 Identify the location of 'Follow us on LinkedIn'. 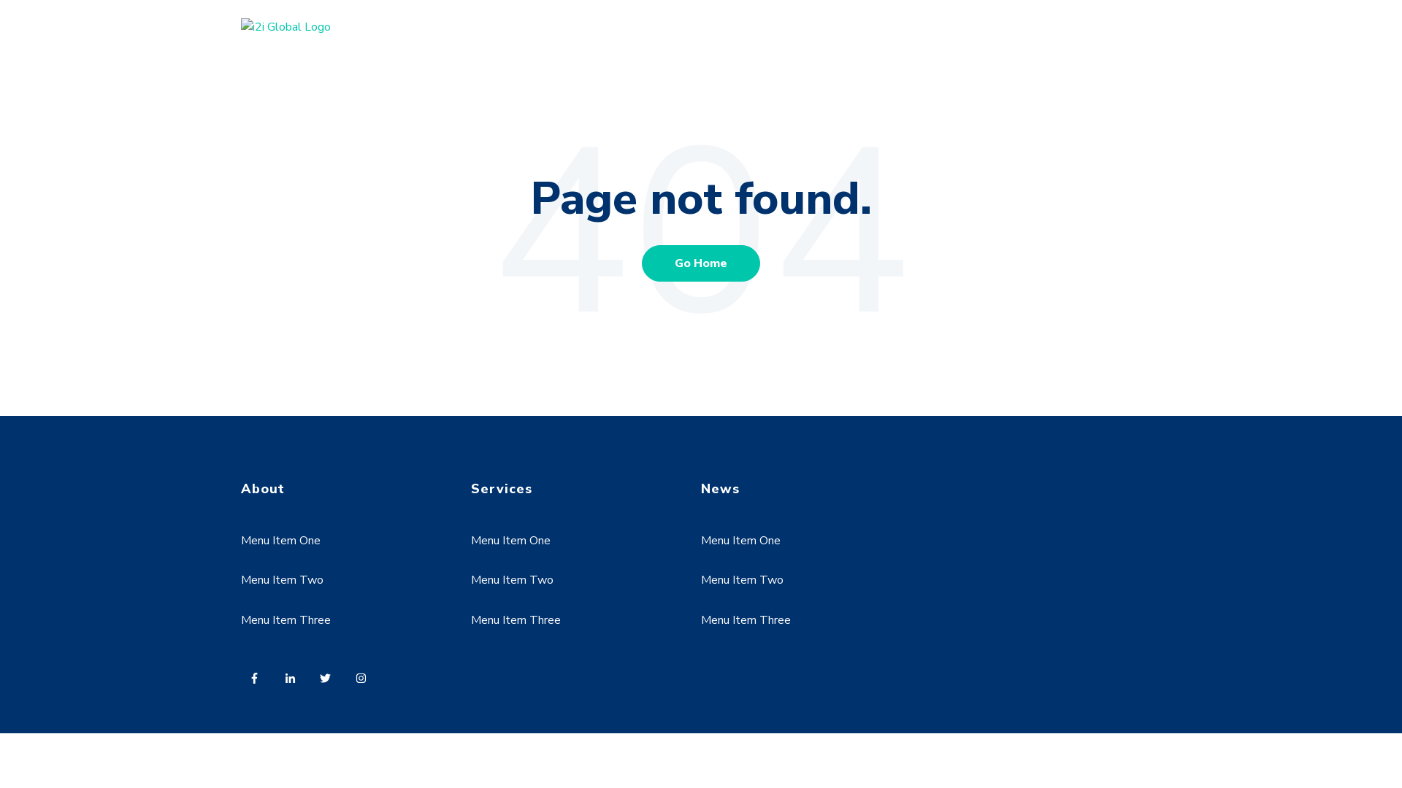
(294, 681).